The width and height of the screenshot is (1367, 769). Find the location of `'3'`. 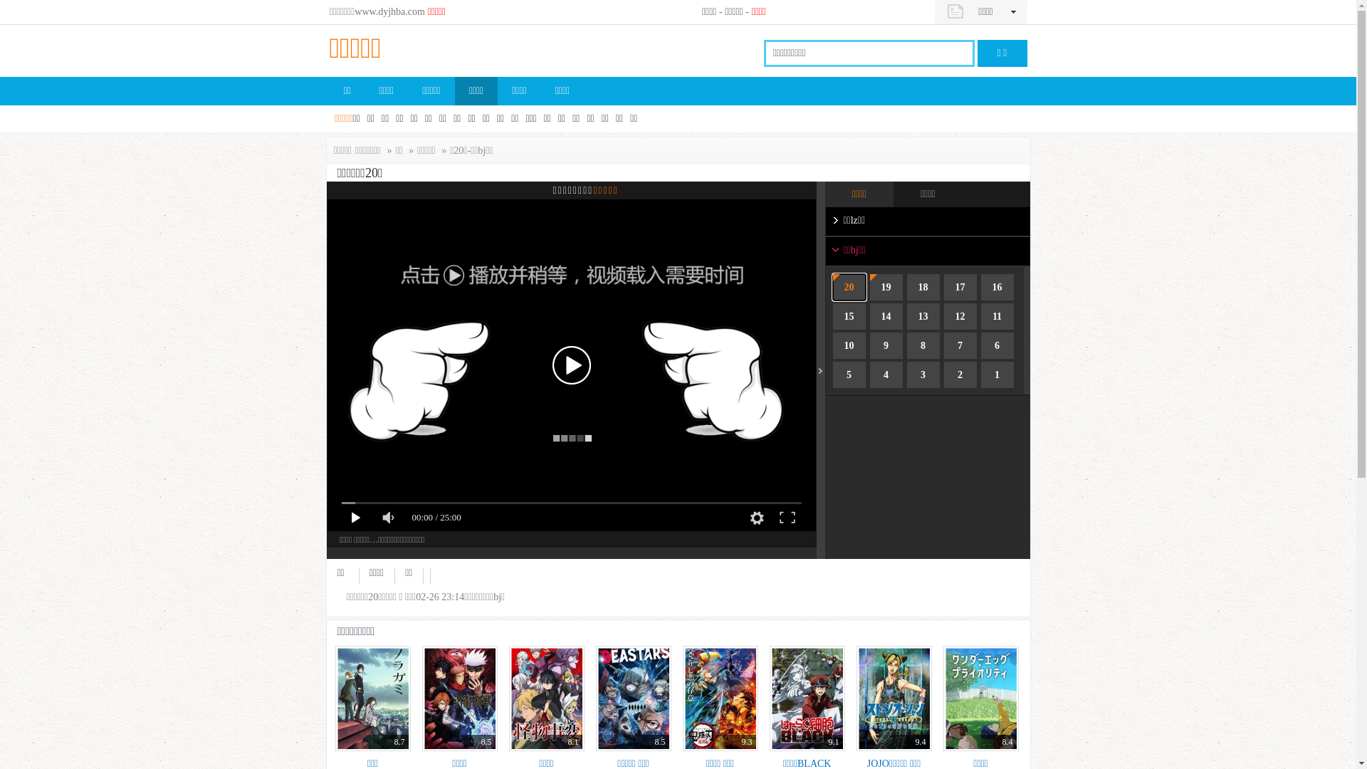

'3' is located at coordinates (923, 374).